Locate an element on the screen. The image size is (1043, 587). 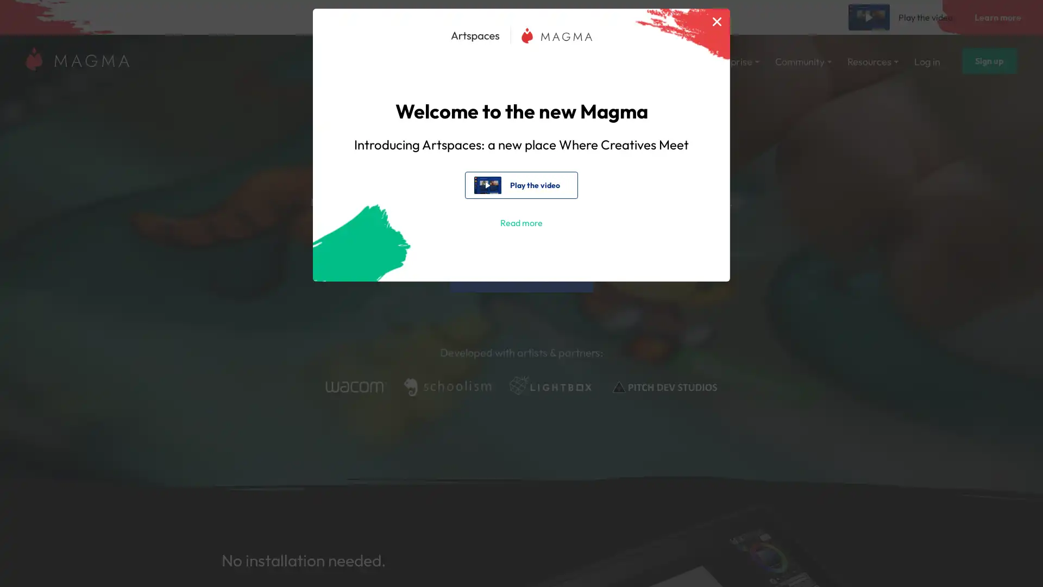
Play the video is located at coordinates (520, 184).